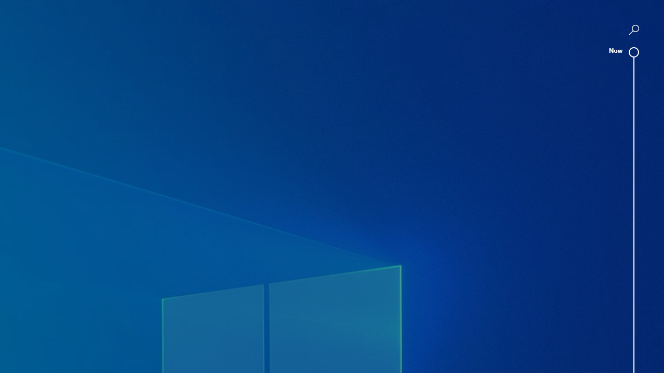 This screenshot has height=373, width=664. Describe the element at coordinates (633, 29) in the screenshot. I see `'AutomationID: SeparateQueryButton'` at that location.